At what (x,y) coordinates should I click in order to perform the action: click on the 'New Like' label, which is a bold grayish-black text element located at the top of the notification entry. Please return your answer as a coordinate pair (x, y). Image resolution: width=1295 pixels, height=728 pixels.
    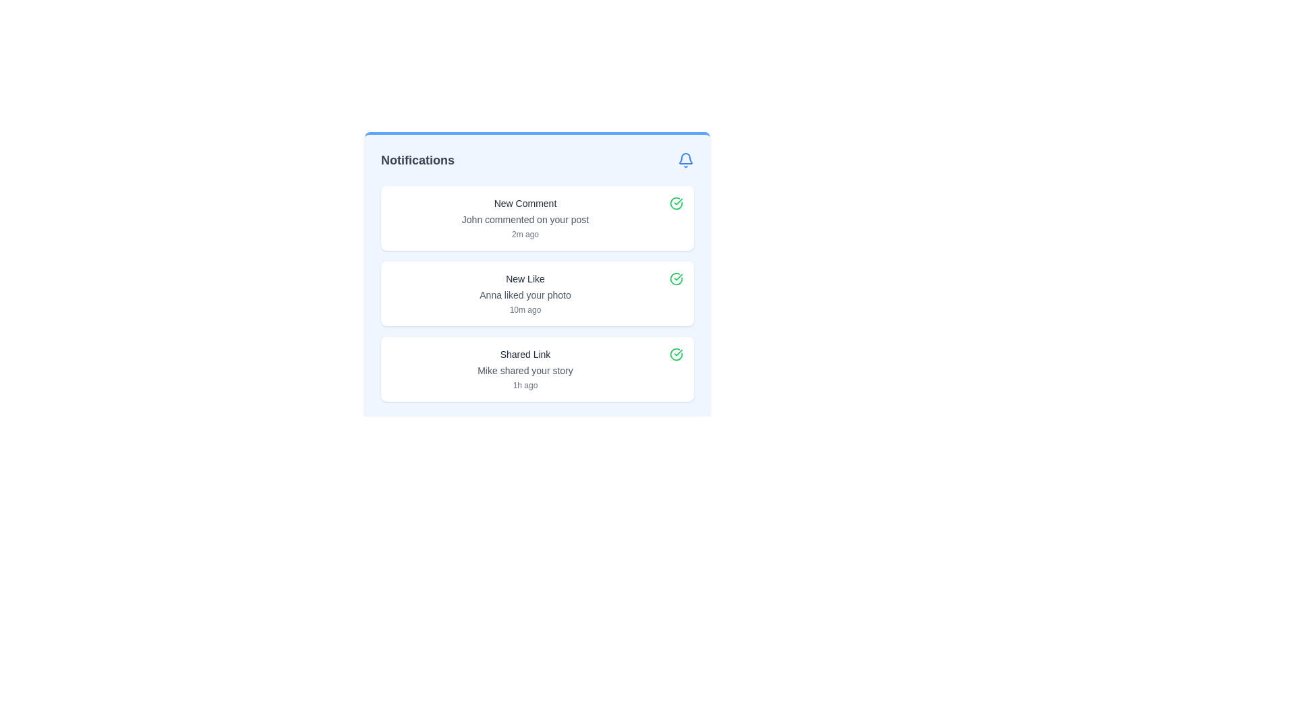
    Looking at the image, I should click on (524, 278).